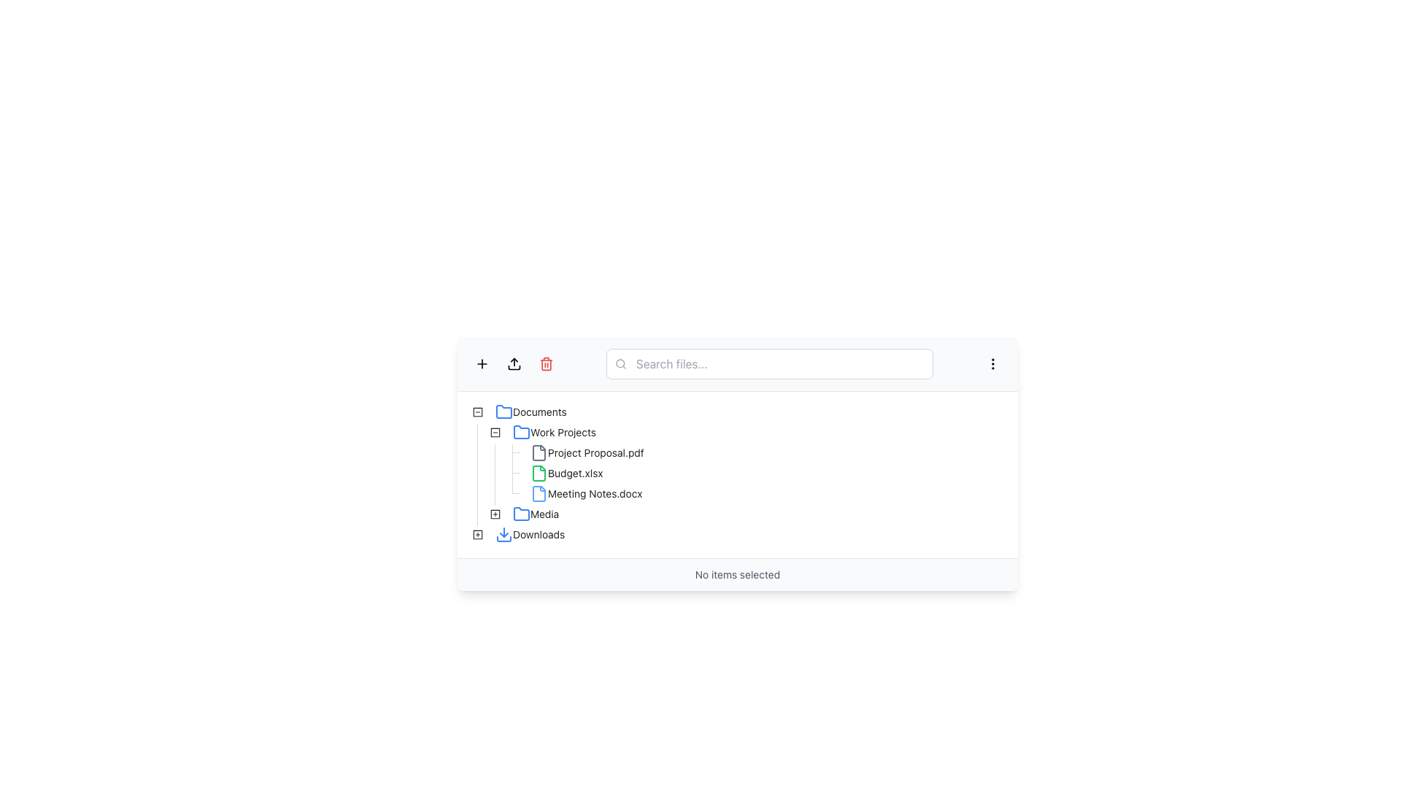 The height and width of the screenshot is (788, 1401). What do you see at coordinates (557, 493) in the screenshot?
I see `the Tree item representing the file named 'Meeting Notes.docx'` at bounding box center [557, 493].